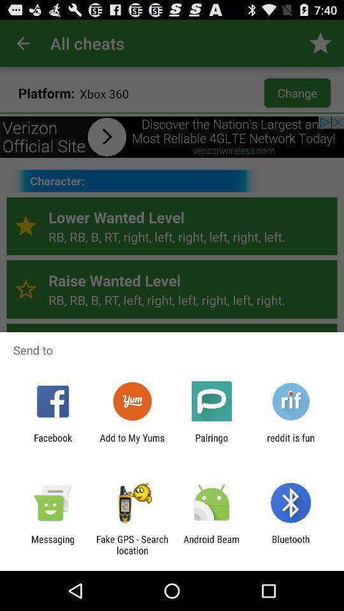  Describe the element at coordinates (211, 443) in the screenshot. I see `item next to reddit is fun` at that location.